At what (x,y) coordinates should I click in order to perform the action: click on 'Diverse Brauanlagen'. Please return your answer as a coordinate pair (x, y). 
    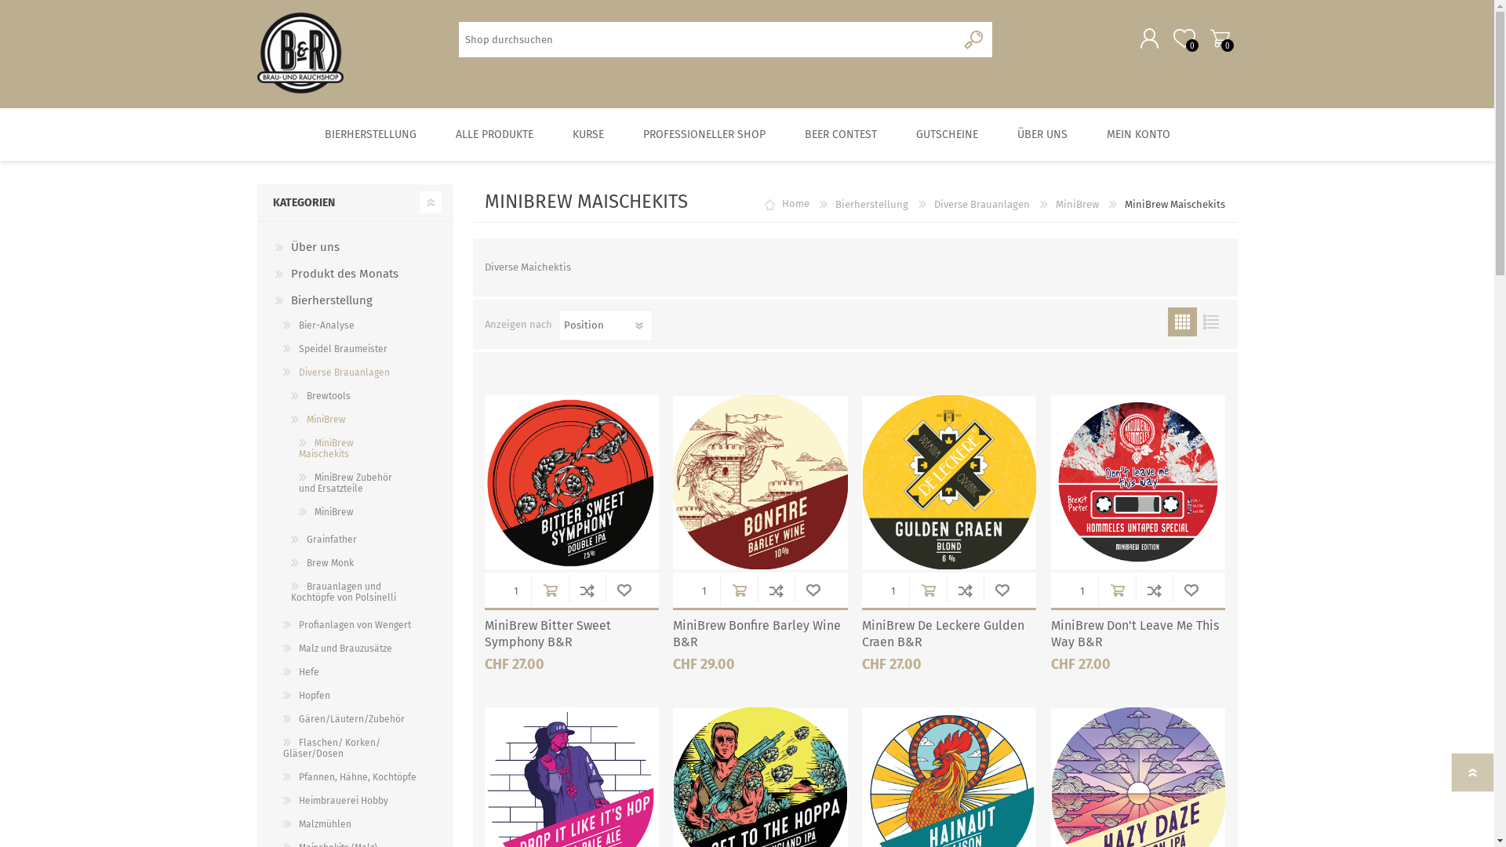
    Looking at the image, I should click on (335, 372).